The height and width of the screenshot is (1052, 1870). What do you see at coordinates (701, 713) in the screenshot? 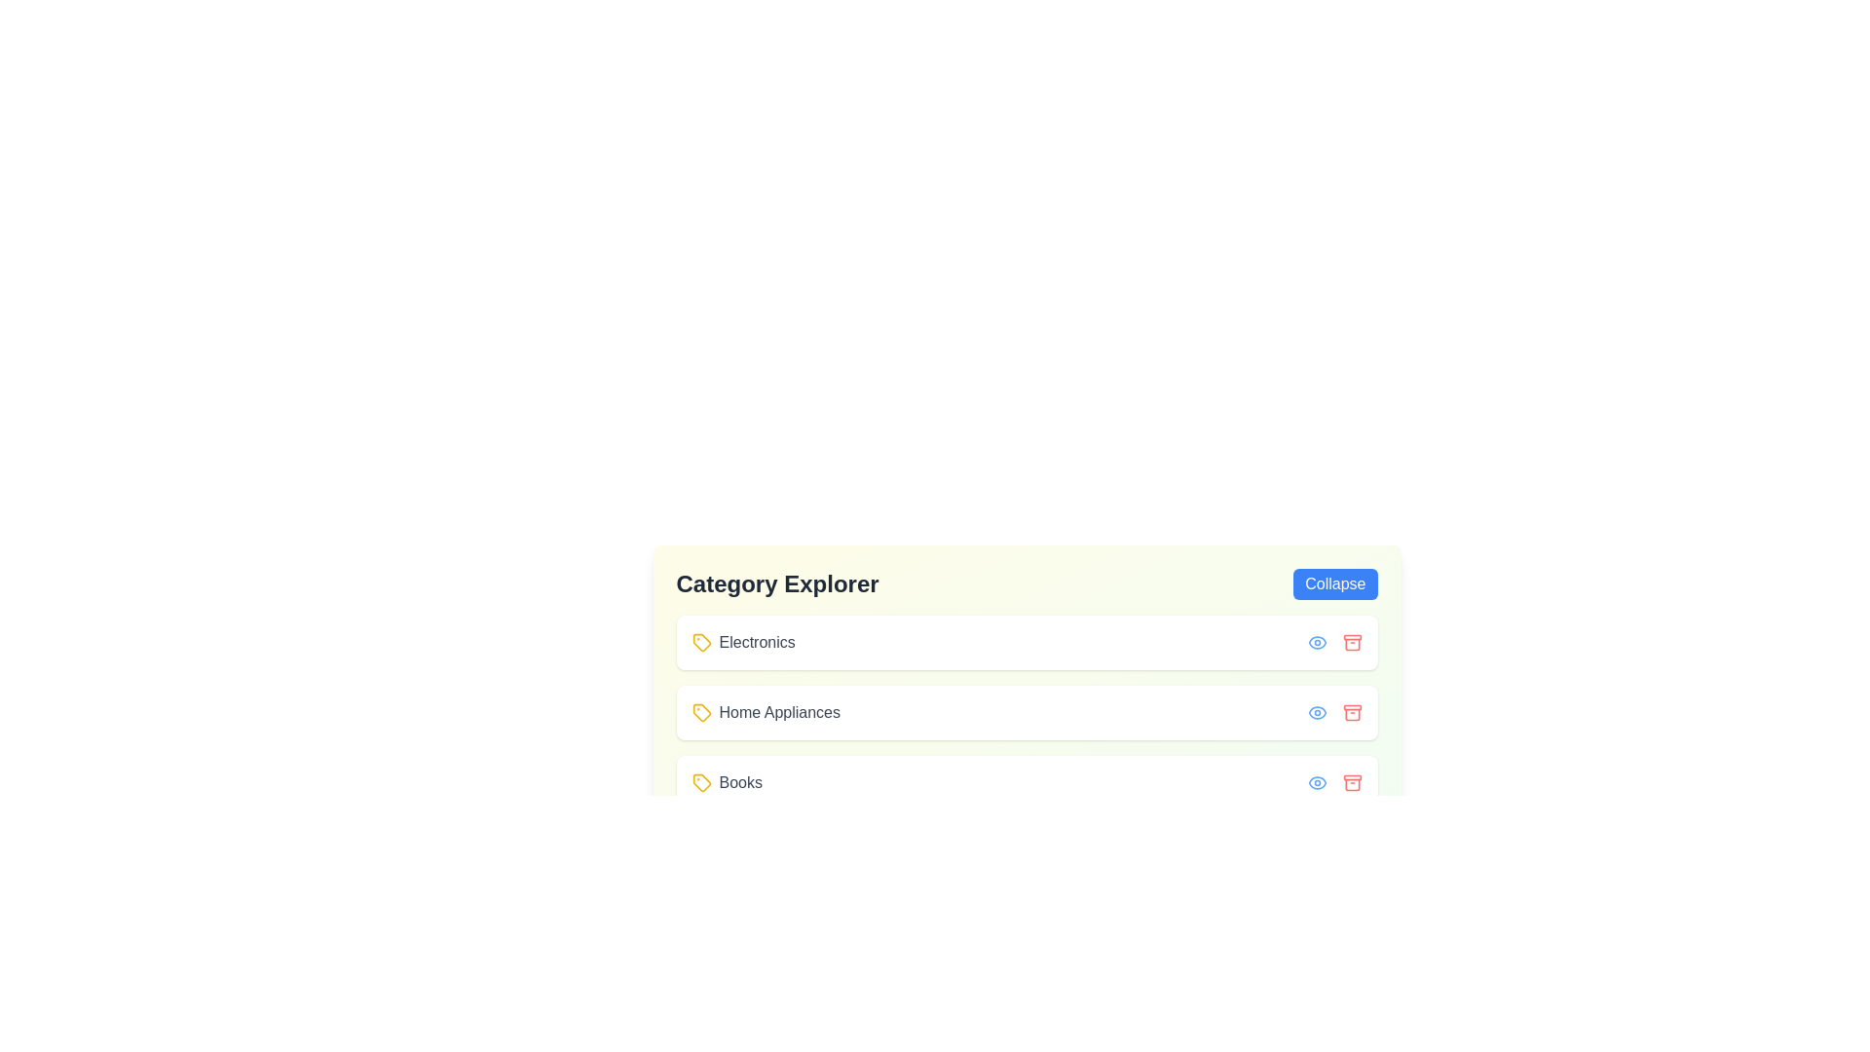
I see `the small, stylized yellow tag-shaped icon located to the left of the 'Home Appliances' text` at bounding box center [701, 713].